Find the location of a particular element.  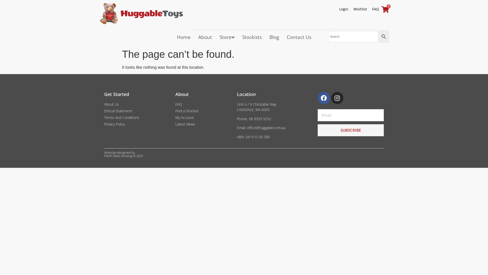

'Terms And Conditions' is located at coordinates (137, 117).